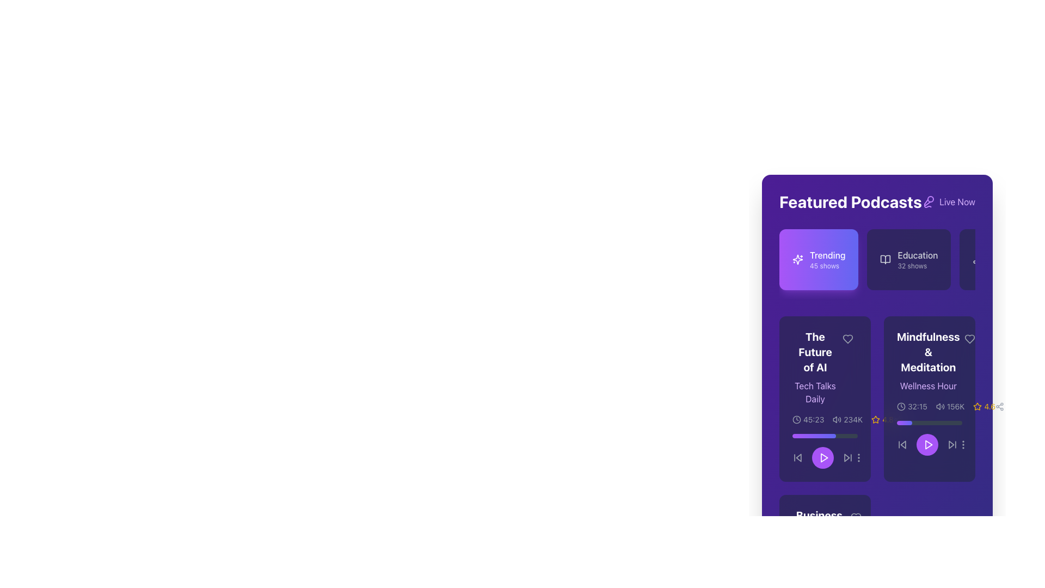 The image size is (1045, 588). What do you see at coordinates (929, 438) in the screenshot?
I see `the play button located centrally within the control section of the 'Mindfulness & Meditation' card` at bounding box center [929, 438].